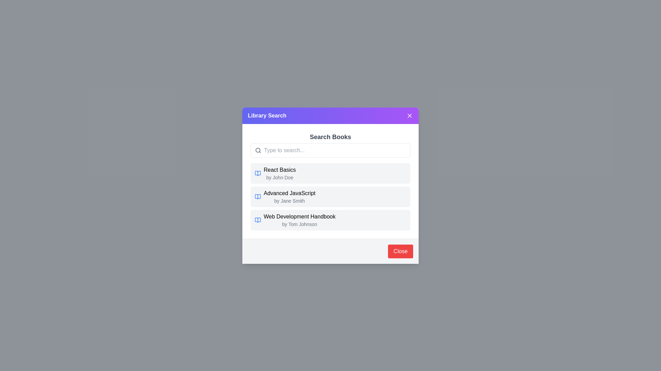 Image resolution: width=661 pixels, height=371 pixels. Describe the element at coordinates (300, 220) in the screenshot. I see `displayed text representing the title and author's name of the book entry located on the third row of the list in the modal dialog` at that location.